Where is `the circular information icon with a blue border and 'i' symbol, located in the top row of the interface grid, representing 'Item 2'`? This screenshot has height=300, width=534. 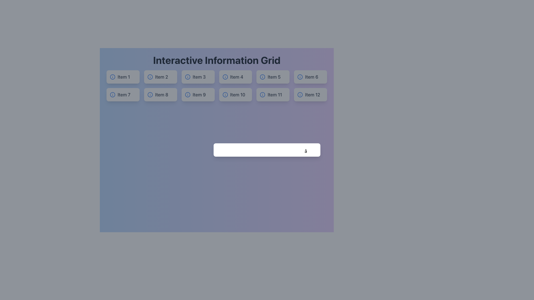 the circular information icon with a blue border and 'i' symbol, located in the top row of the interface grid, representing 'Item 2' is located at coordinates (150, 77).